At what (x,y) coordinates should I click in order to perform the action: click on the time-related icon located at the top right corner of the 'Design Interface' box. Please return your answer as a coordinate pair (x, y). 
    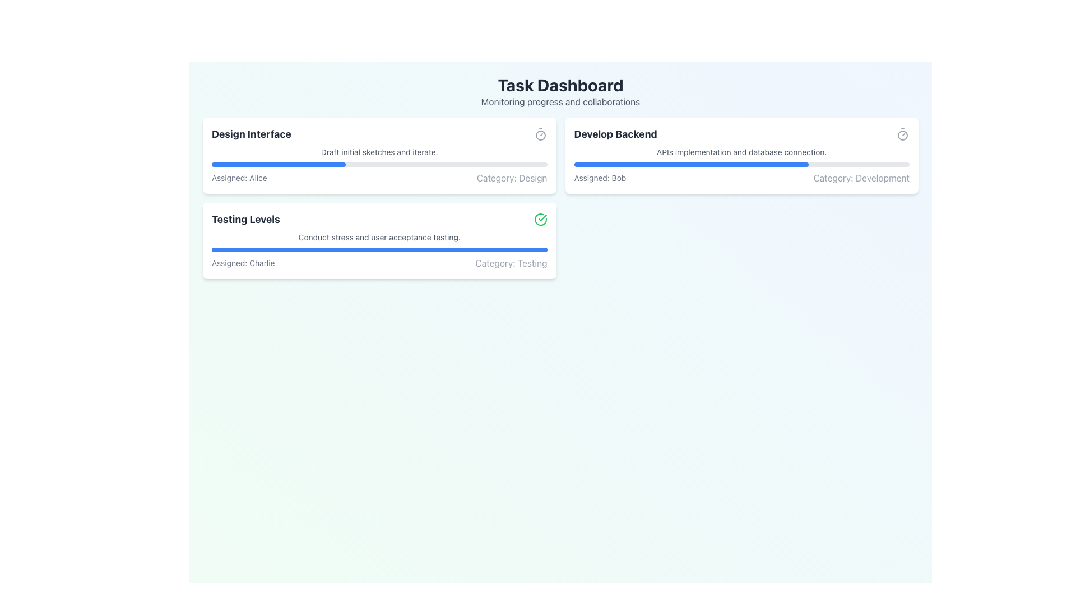
    Looking at the image, I should click on (540, 133).